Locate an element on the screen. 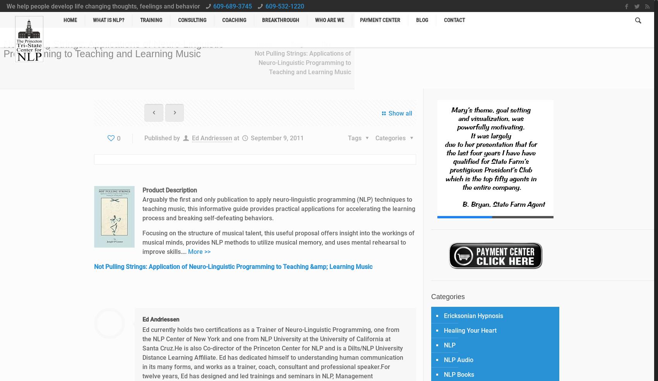 This screenshot has width=658, height=381. 'Not Pulling Strings: Application of Neuro-Linguistic Programming to Teaching &amp; Learning Music' is located at coordinates (94, 266).